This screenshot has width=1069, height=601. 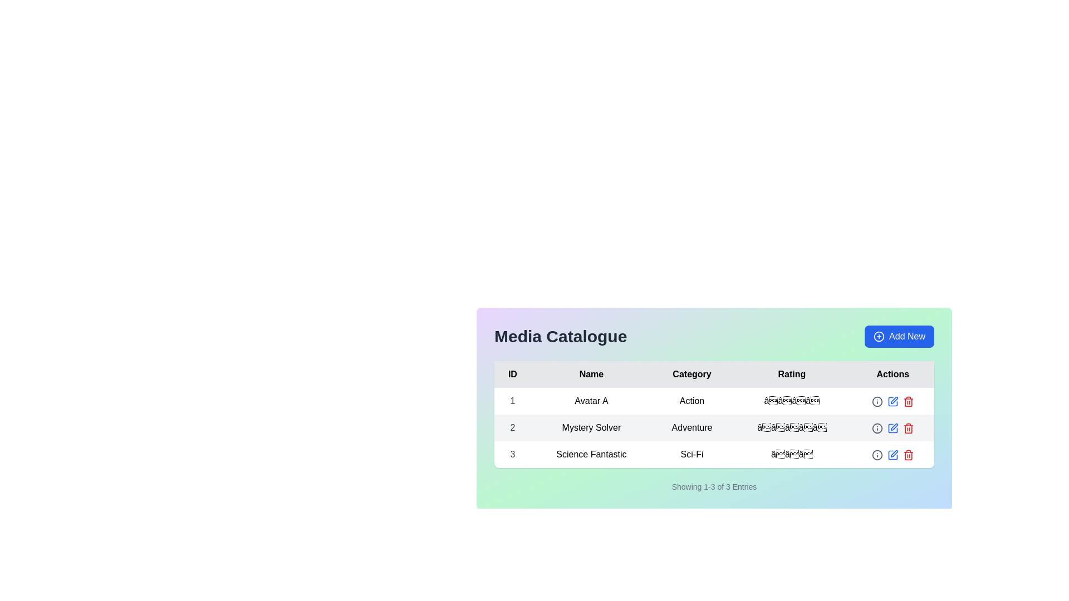 What do you see at coordinates (899, 336) in the screenshot?
I see `the button in the top-right corner of the media catalog section` at bounding box center [899, 336].